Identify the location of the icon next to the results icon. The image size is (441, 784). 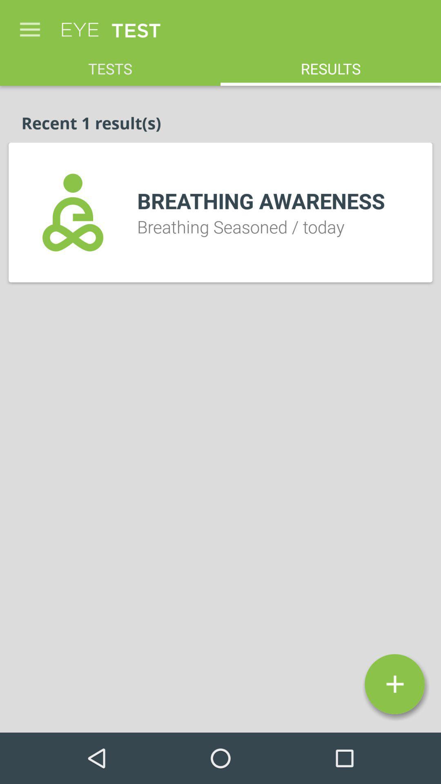
(110, 64).